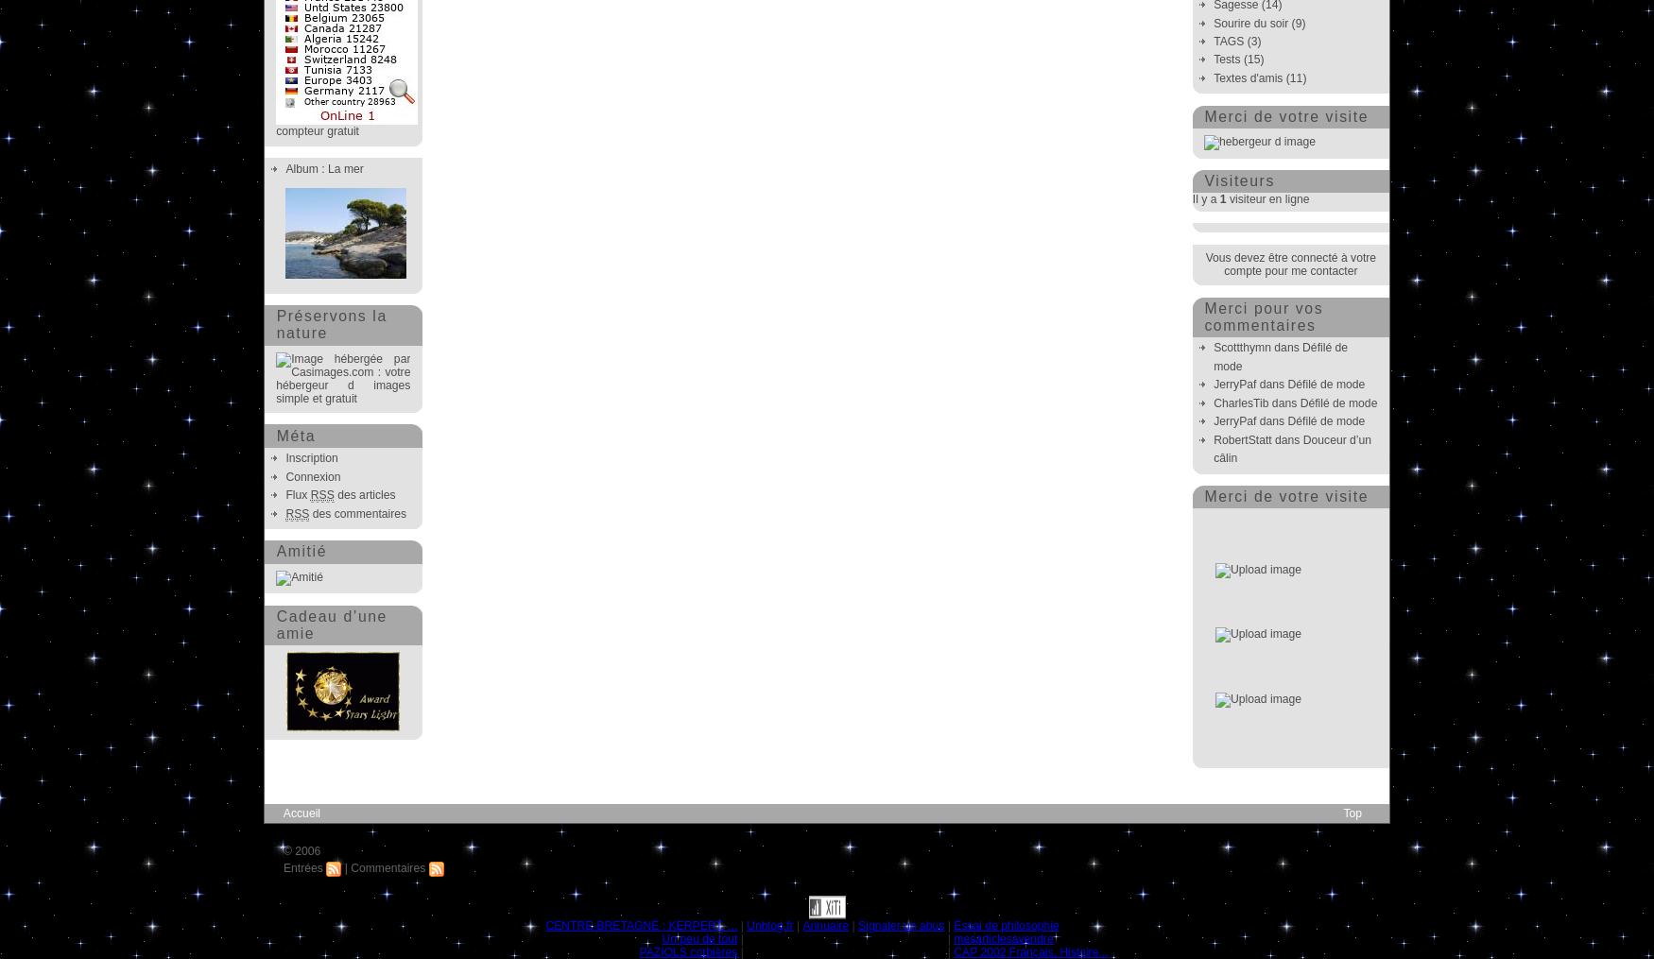  Describe the element at coordinates (825, 925) in the screenshot. I see `'Annuaire'` at that location.